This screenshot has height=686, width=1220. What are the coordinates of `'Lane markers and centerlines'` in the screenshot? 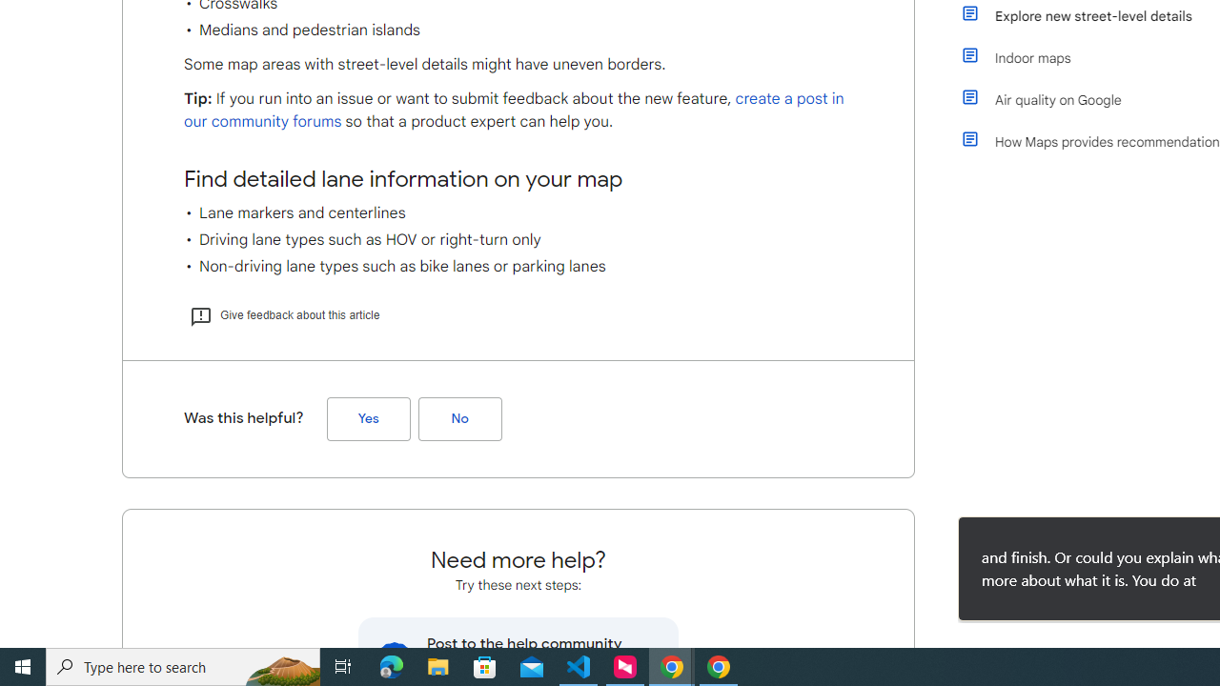 It's located at (518, 212).